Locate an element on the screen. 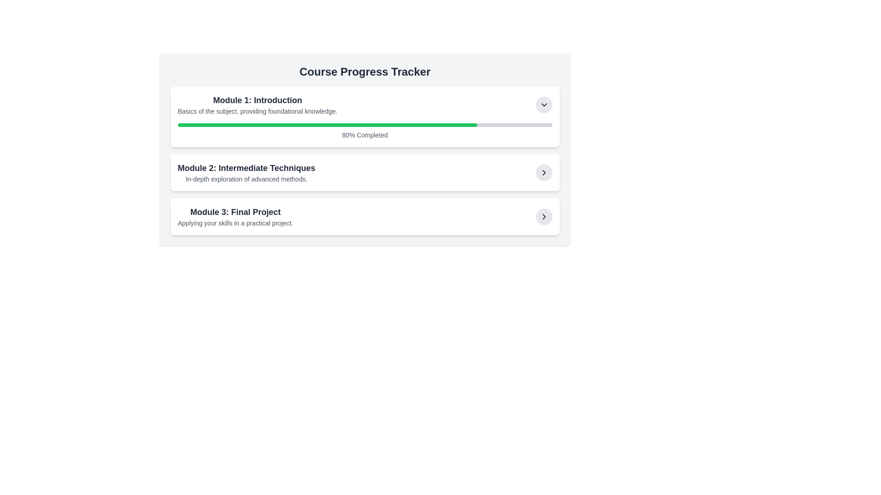 Image resolution: width=881 pixels, height=495 pixels. the right-facing arrow icon located in the bottom-right corner of the 'Module 3: Final Project' section of the 'Course Progress Tracker' interface, which serves as a forward navigation button is located at coordinates (544, 173).